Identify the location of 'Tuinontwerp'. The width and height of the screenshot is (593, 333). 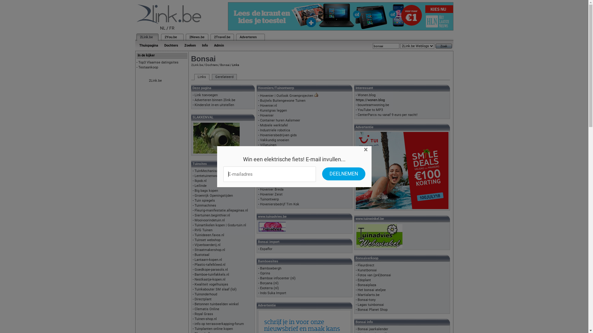
(269, 199).